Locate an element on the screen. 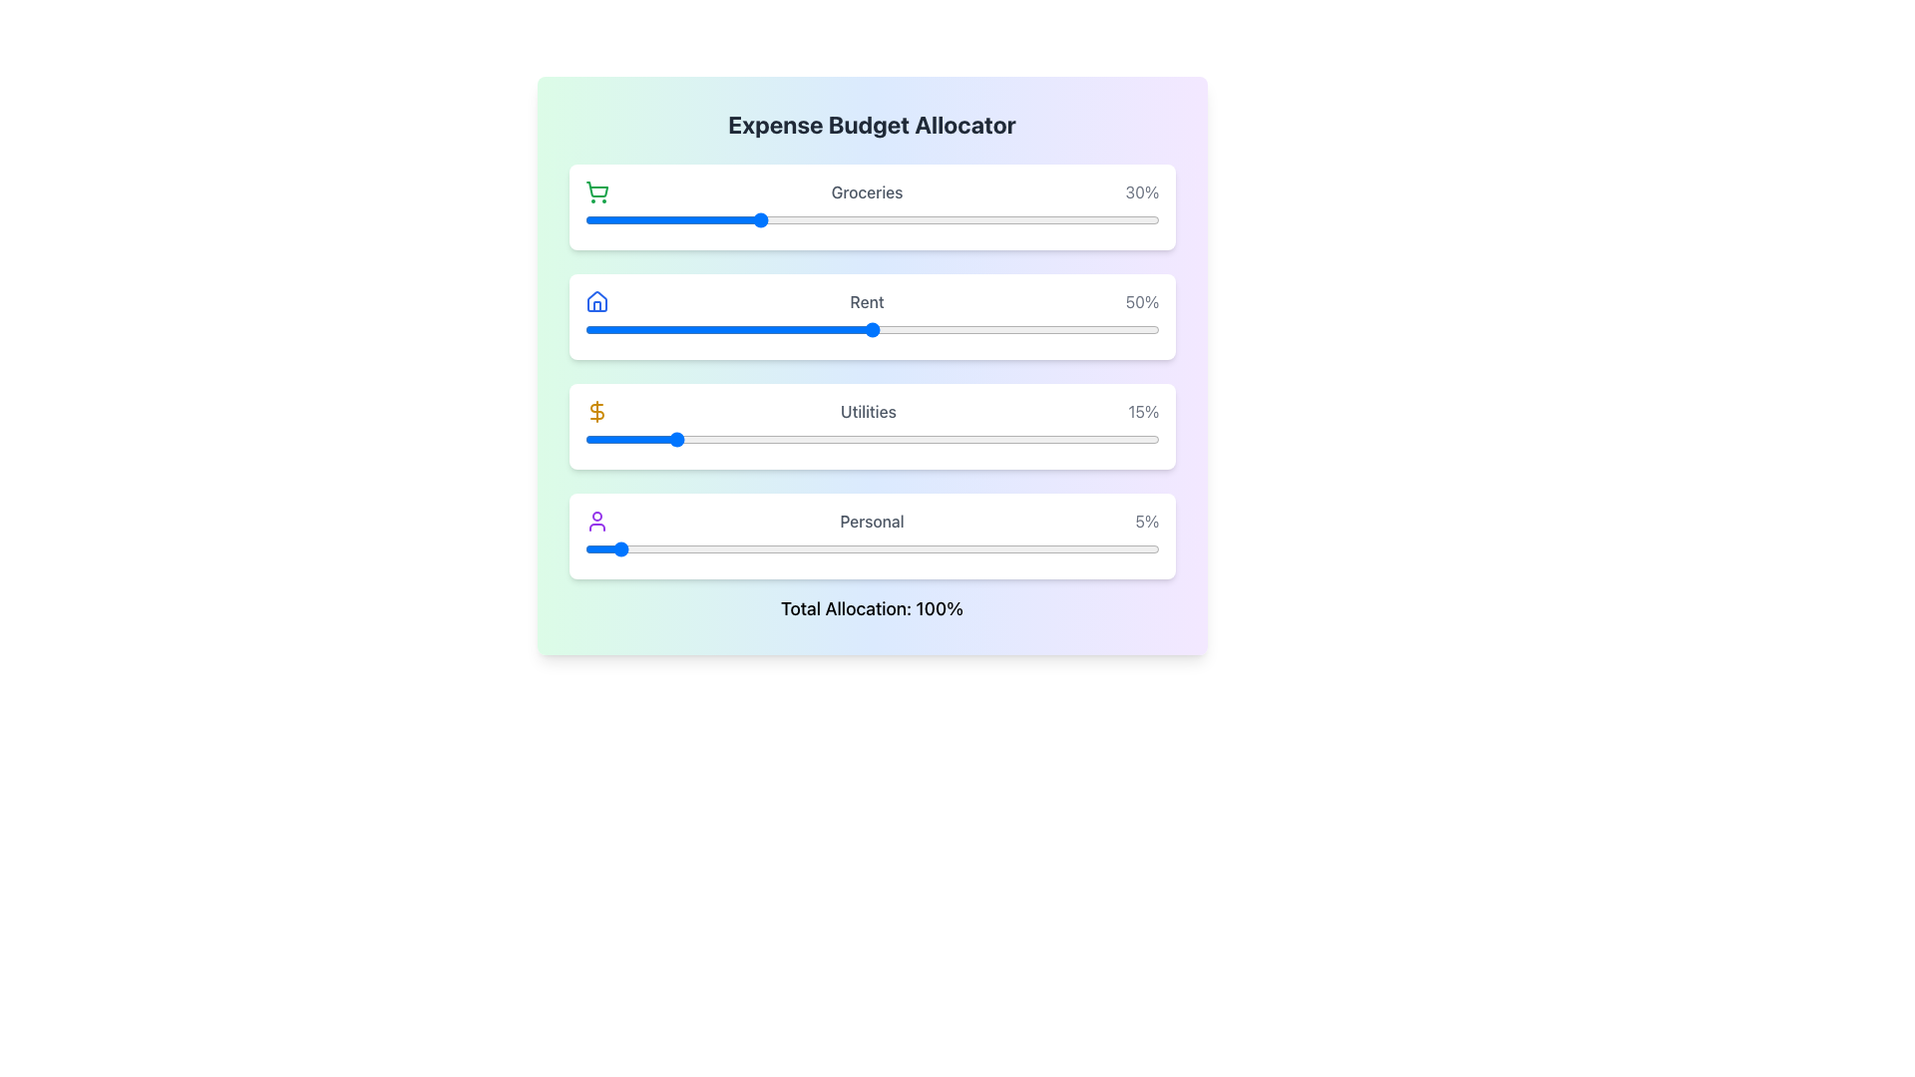  utilities allocation is located at coordinates (635, 438).